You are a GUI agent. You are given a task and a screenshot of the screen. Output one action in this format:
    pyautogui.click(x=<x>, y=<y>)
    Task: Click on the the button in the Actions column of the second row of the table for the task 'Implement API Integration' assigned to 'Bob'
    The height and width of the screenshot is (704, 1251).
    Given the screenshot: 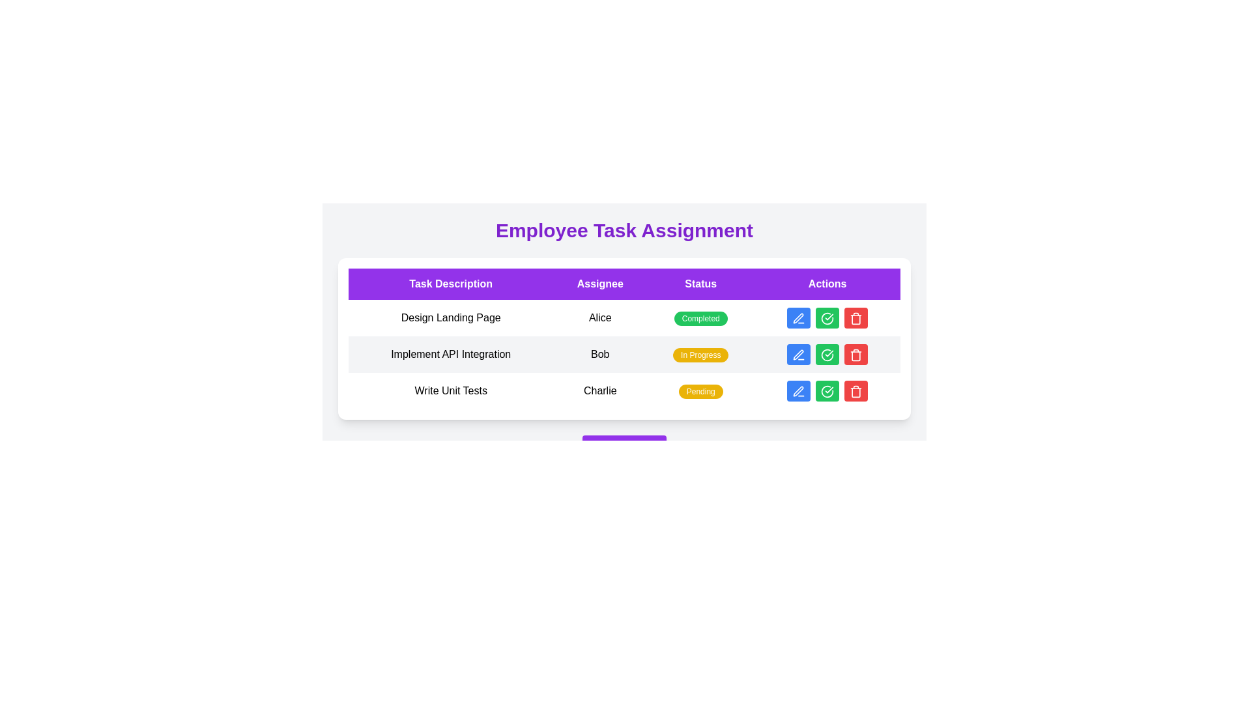 What is the action you would take?
    pyautogui.click(x=827, y=354)
    